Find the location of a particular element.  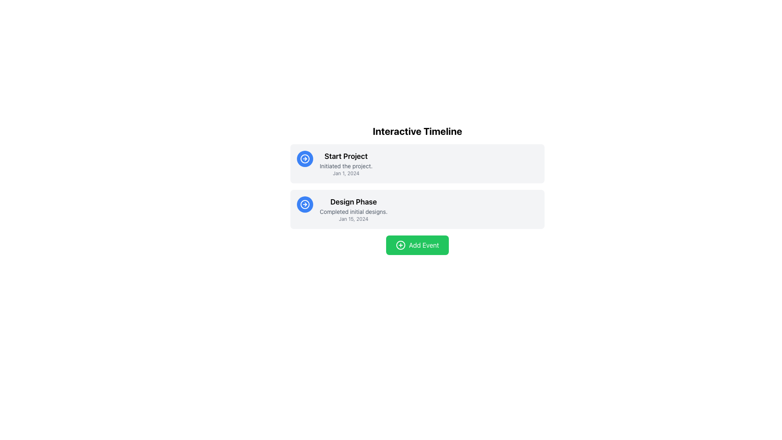

the static text label that states 'Completed initial designs.' which is located between the header 'Design Phase' and the date 'Jan 15, 2024' in the timeline interface is located at coordinates (354, 211).